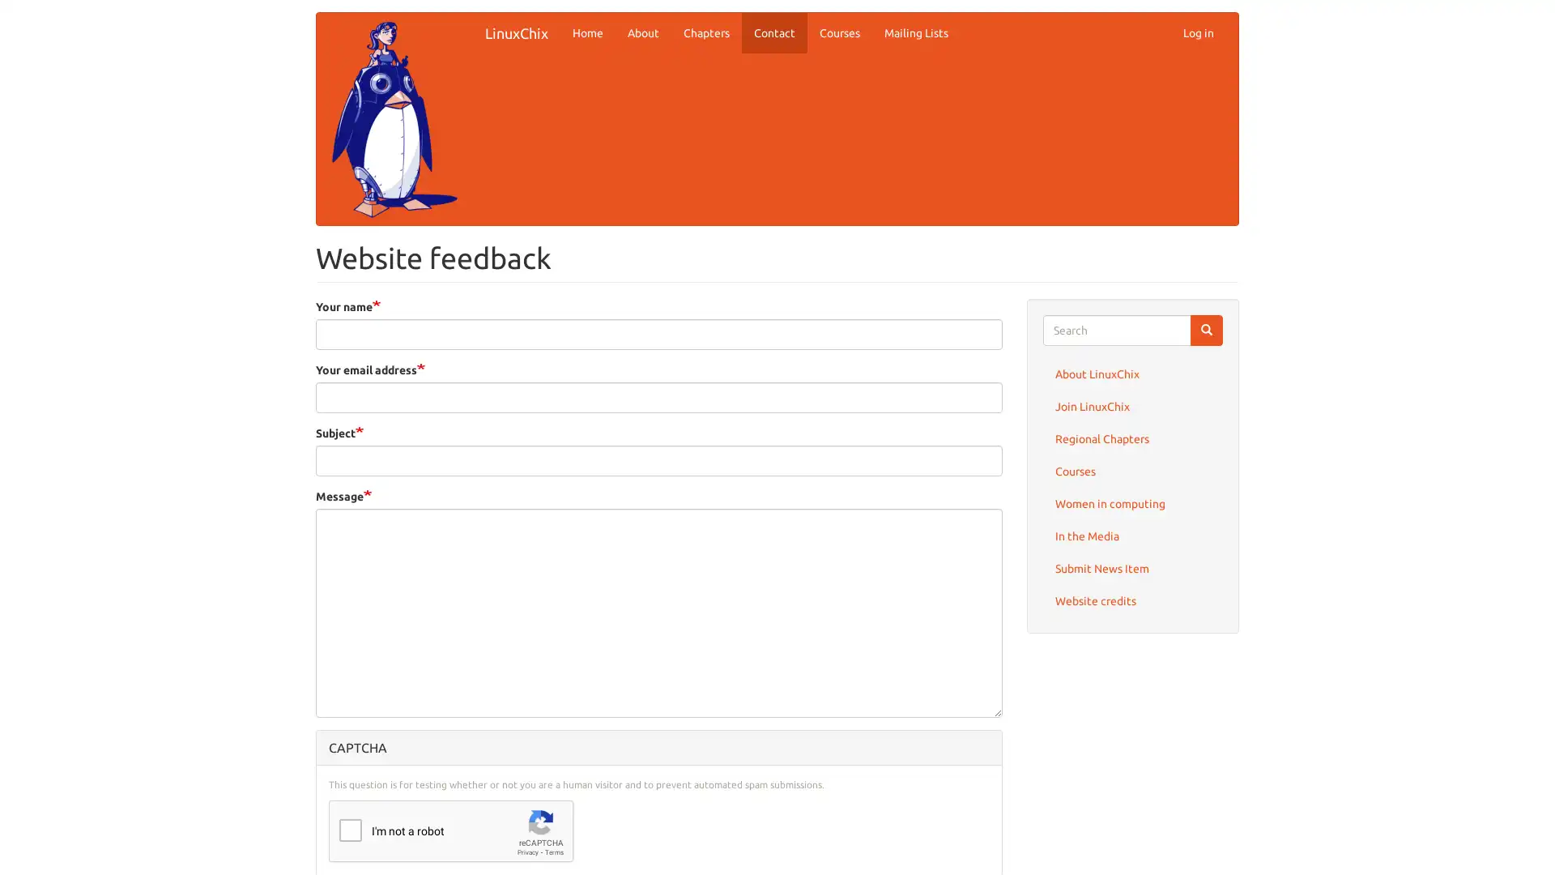 The image size is (1555, 875). Describe the element at coordinates (658, 747) in the screenshot. I see `CAPTCHA` at that location.